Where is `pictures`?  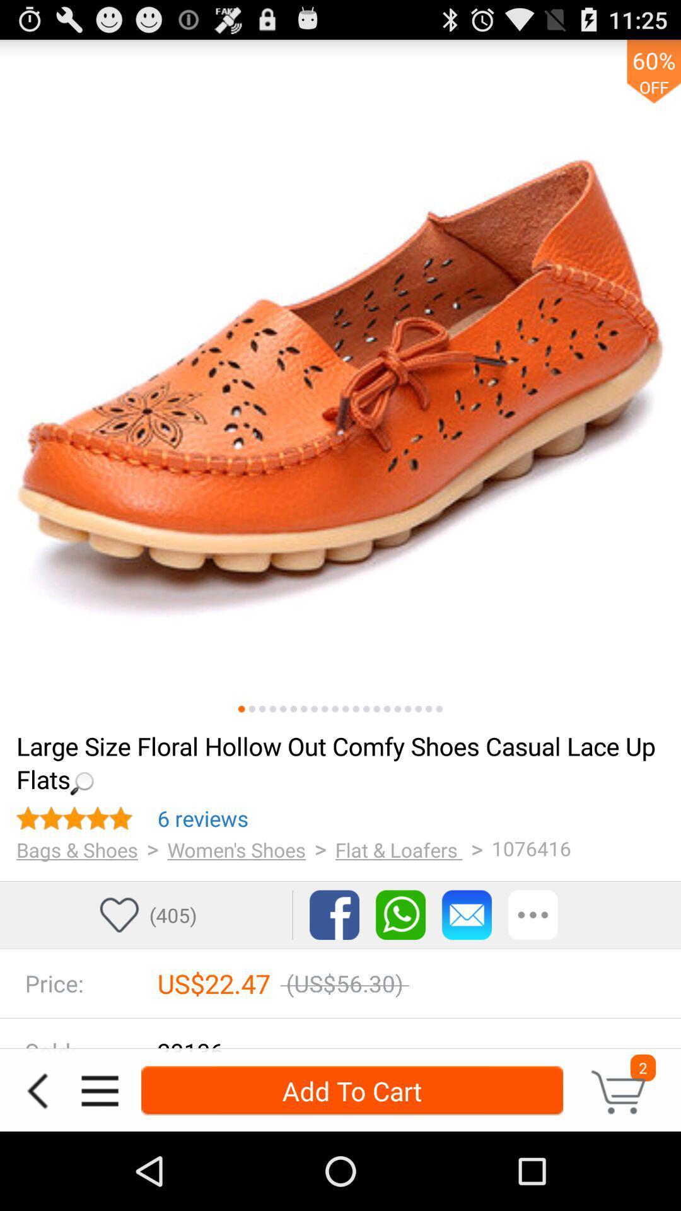 pictures is located at coordinates (408, 709).